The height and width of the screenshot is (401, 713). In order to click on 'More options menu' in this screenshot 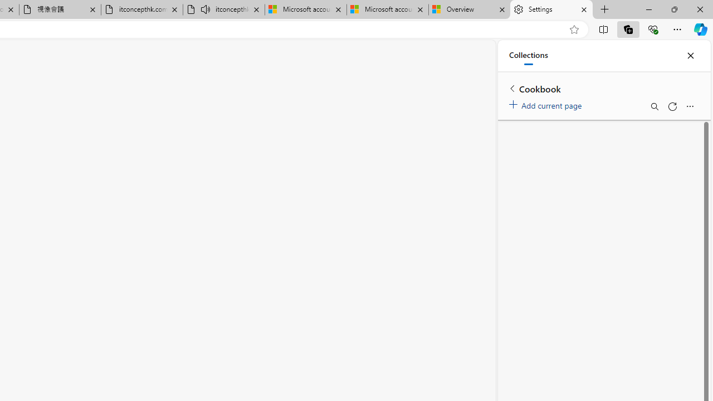, I will do `click(689, 106)`.